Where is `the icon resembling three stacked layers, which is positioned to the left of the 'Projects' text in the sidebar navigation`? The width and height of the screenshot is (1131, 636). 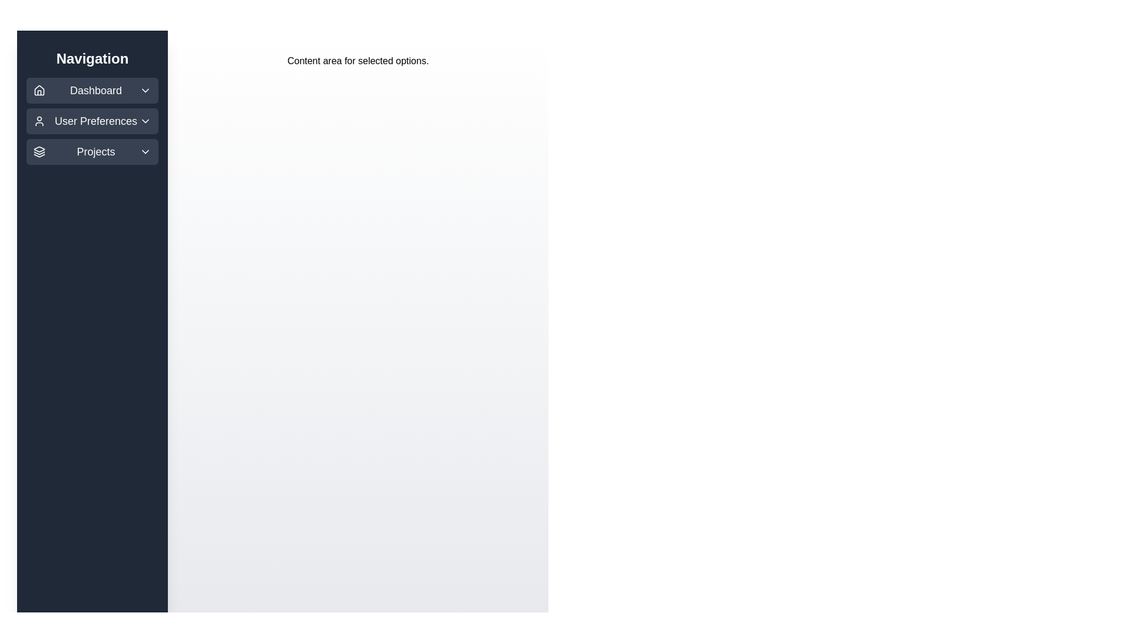
the icon resembling three stacked layers, which is positioned to the left of the 'Projects' text in the sidebar navigation is located at coordinates (39, 151).